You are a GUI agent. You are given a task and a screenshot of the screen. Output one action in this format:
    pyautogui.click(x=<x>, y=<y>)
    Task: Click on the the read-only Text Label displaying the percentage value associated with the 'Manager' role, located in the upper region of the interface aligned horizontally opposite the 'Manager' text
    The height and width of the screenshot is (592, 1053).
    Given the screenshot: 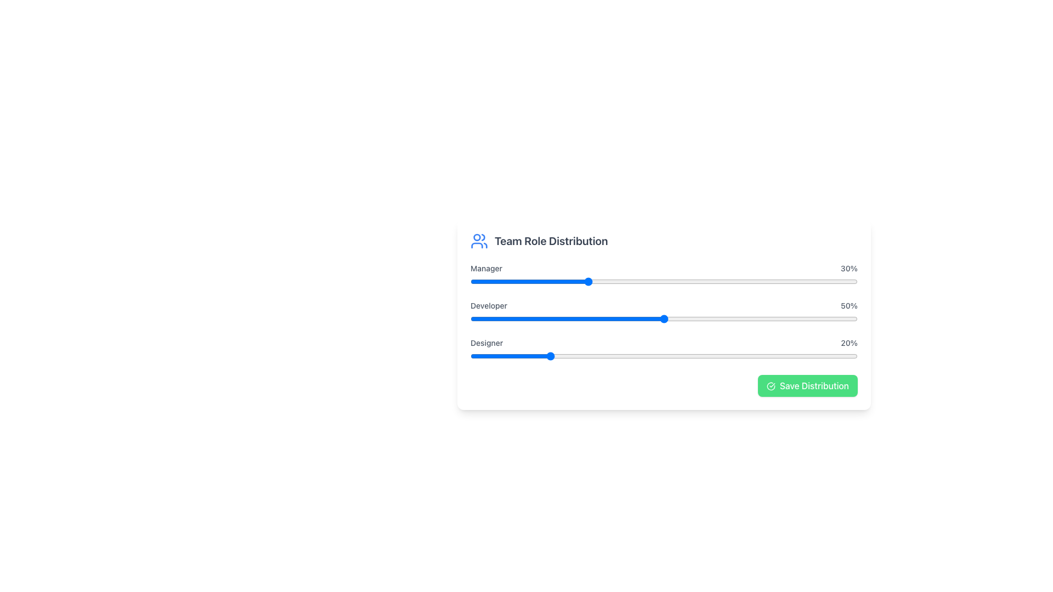 What is the action you would take?
    pyautogui.click(x=848, y=268)
    